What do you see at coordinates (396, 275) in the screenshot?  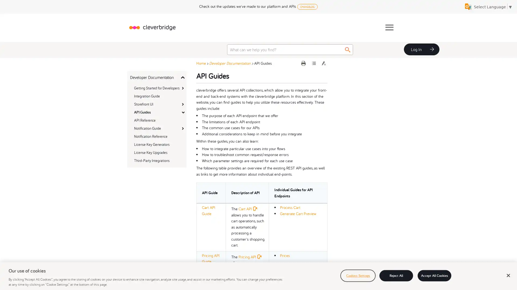 I see `Reject All` at bounding box center [396, 275].